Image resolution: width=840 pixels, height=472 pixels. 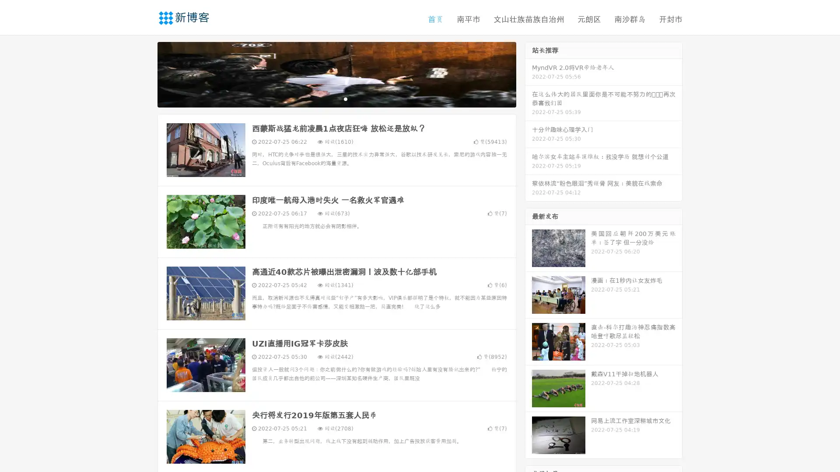 What do you see at coordinates (528, 73) in the screenshot?
I see `Next slide` at bounding box center [528, 73].